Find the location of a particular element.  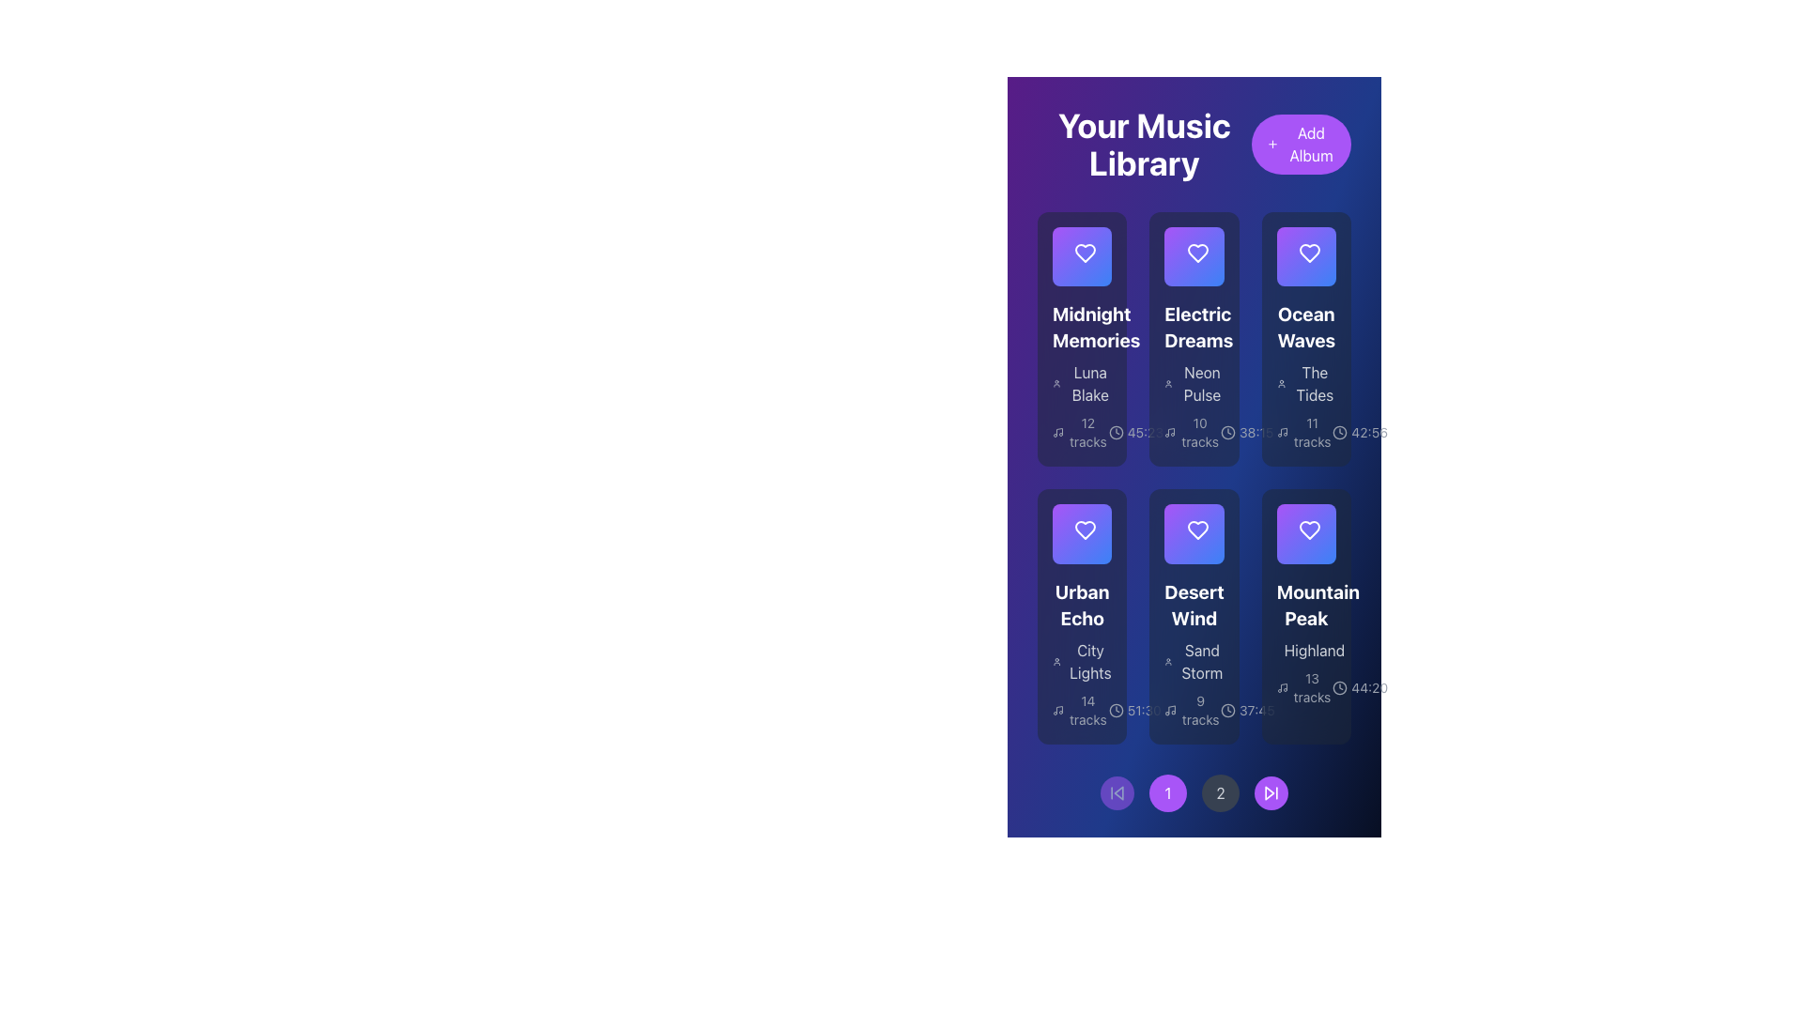

the user icon, which is a small circular representation typically used for user profiles, located to the left of the text 'Sand Storm' is located at coordinates (1167, 660).